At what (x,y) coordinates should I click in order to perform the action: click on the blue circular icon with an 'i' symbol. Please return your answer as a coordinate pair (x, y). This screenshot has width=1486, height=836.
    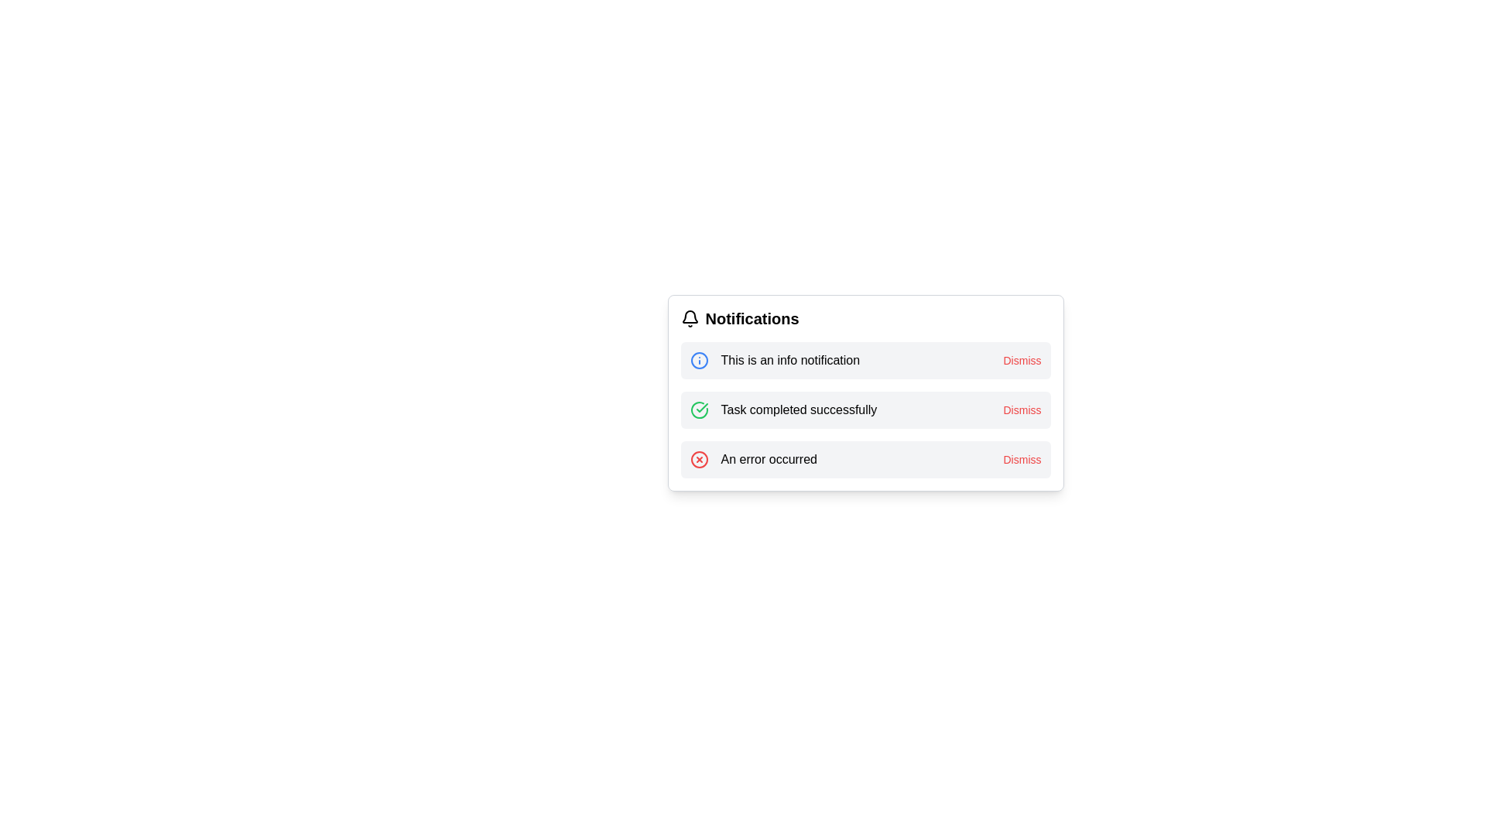
    Looking at the image, I should click on (698, 361).